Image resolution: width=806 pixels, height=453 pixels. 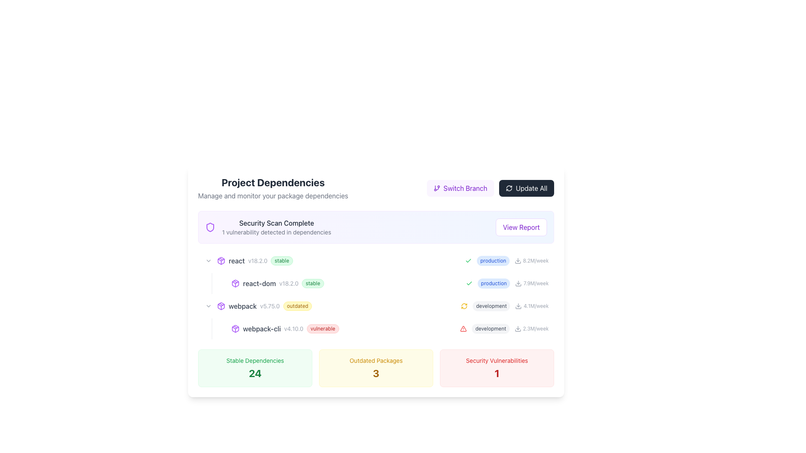 What do you see at coordinates (276, 223) in the screenshot?
I see `text label displaying 'Security Scan Complete', which is located at the top-center of the card summarizing scan results` at bounding box center [276, 223].